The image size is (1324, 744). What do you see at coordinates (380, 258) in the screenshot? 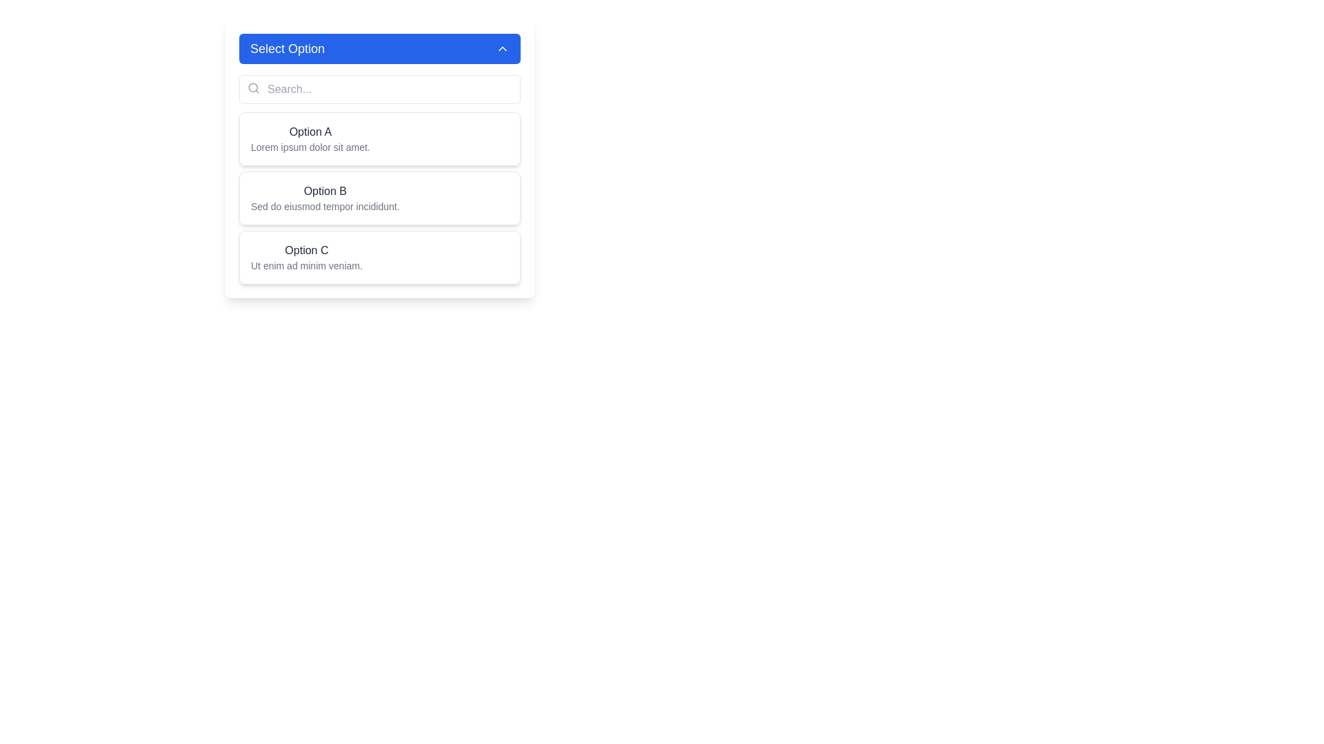
I see `the selectable list item titled 'Option C'` at bounding box center [380, 258].